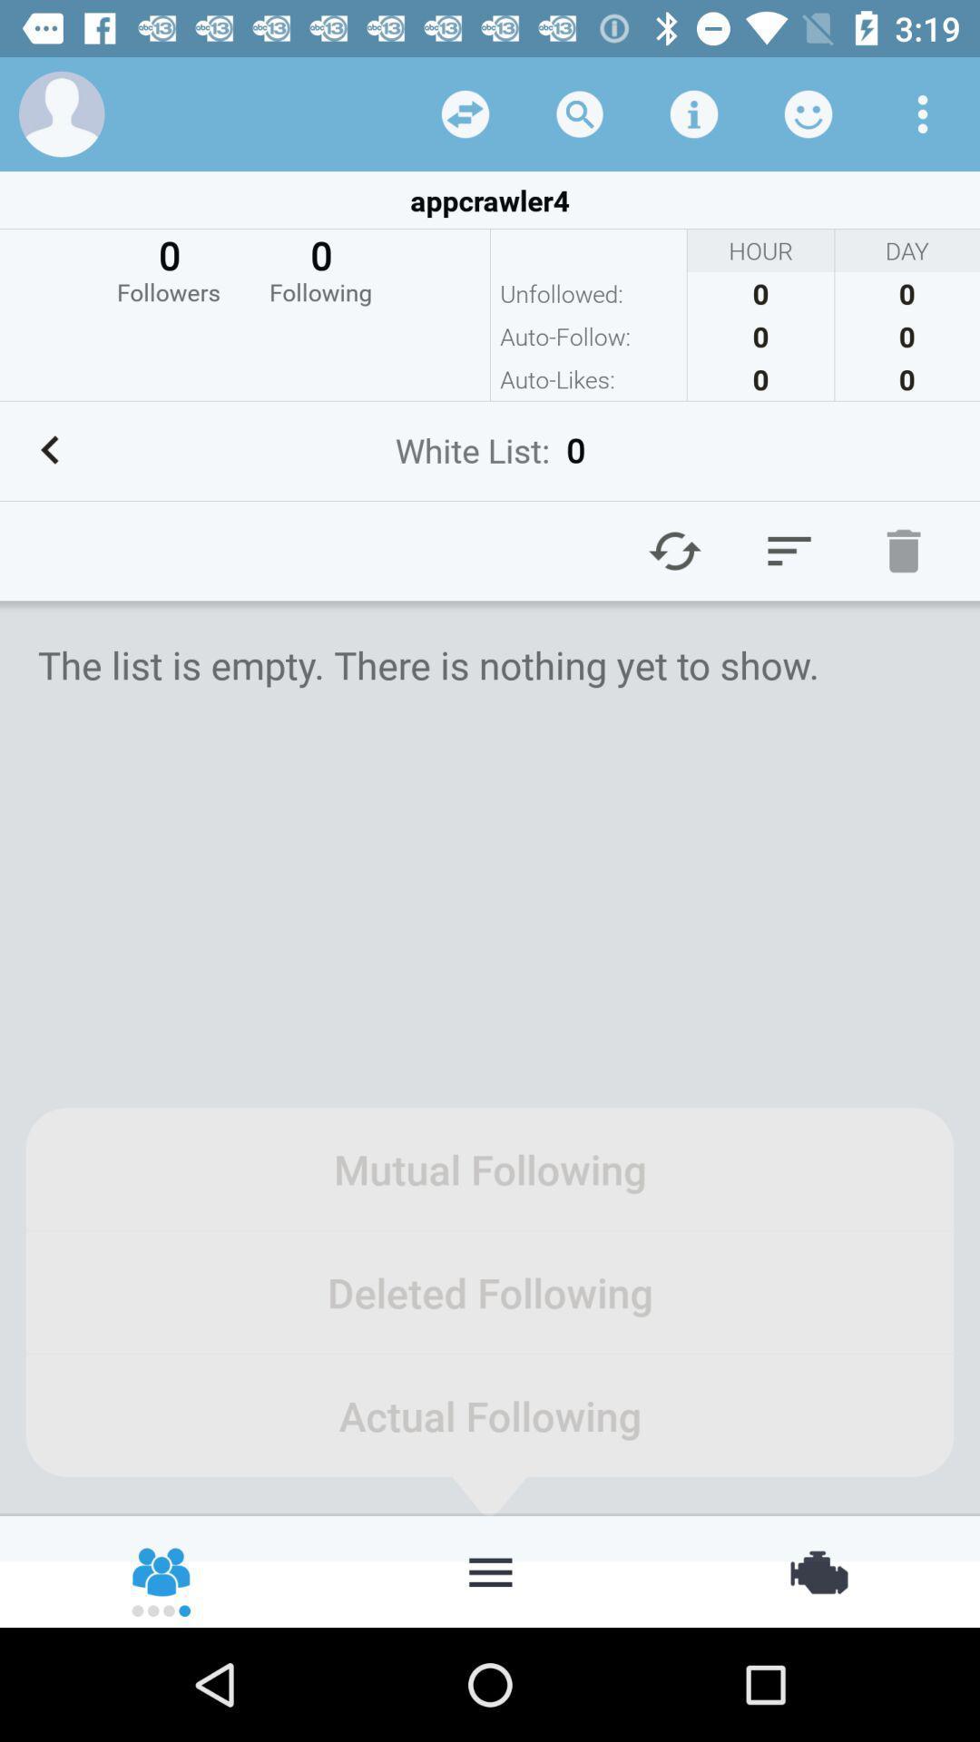  I want to click on click the menu option, so click(789, 550).